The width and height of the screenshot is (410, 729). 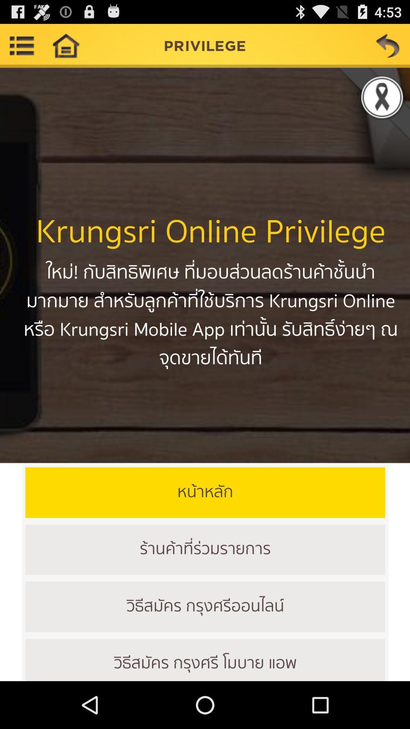 What do you see at coordinates (21, 45) in the screenshot?
I see `more details` at bounding box center [21, 45].